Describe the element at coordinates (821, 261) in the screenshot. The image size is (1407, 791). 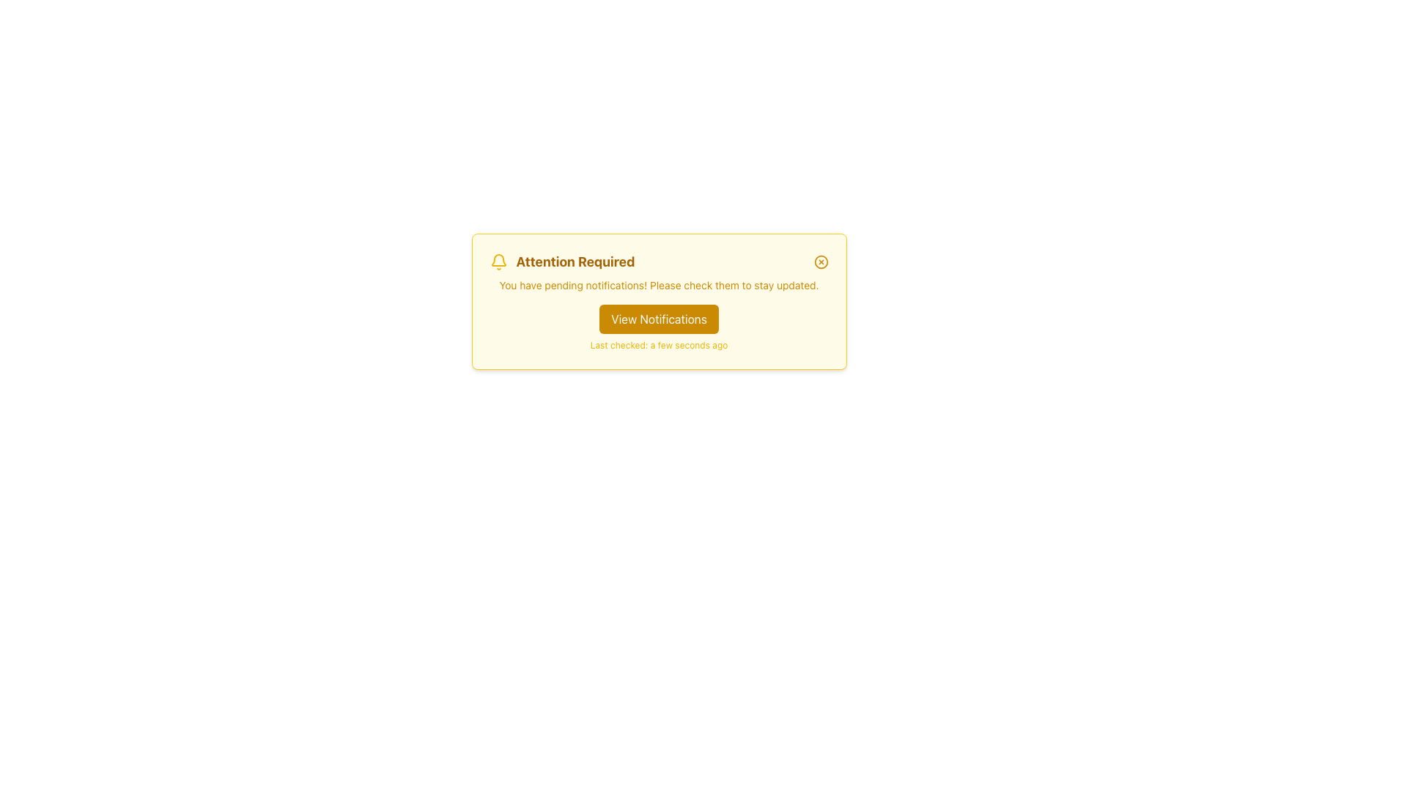
I see `the close button located at the upper right corner of the notification card` at that location.